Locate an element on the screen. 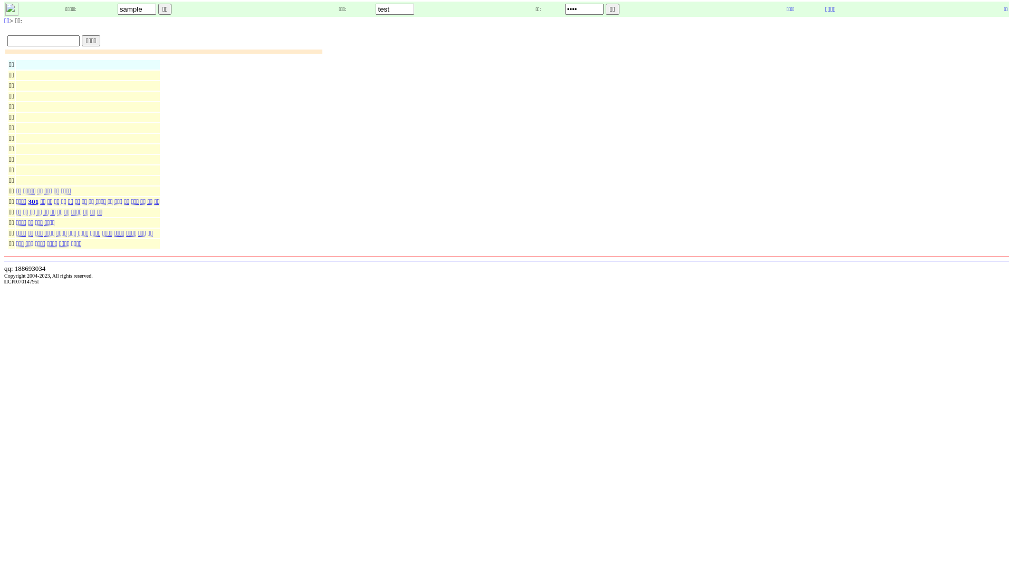 The image size is (1013, 569). '301' is located at coordinates (34, 201).